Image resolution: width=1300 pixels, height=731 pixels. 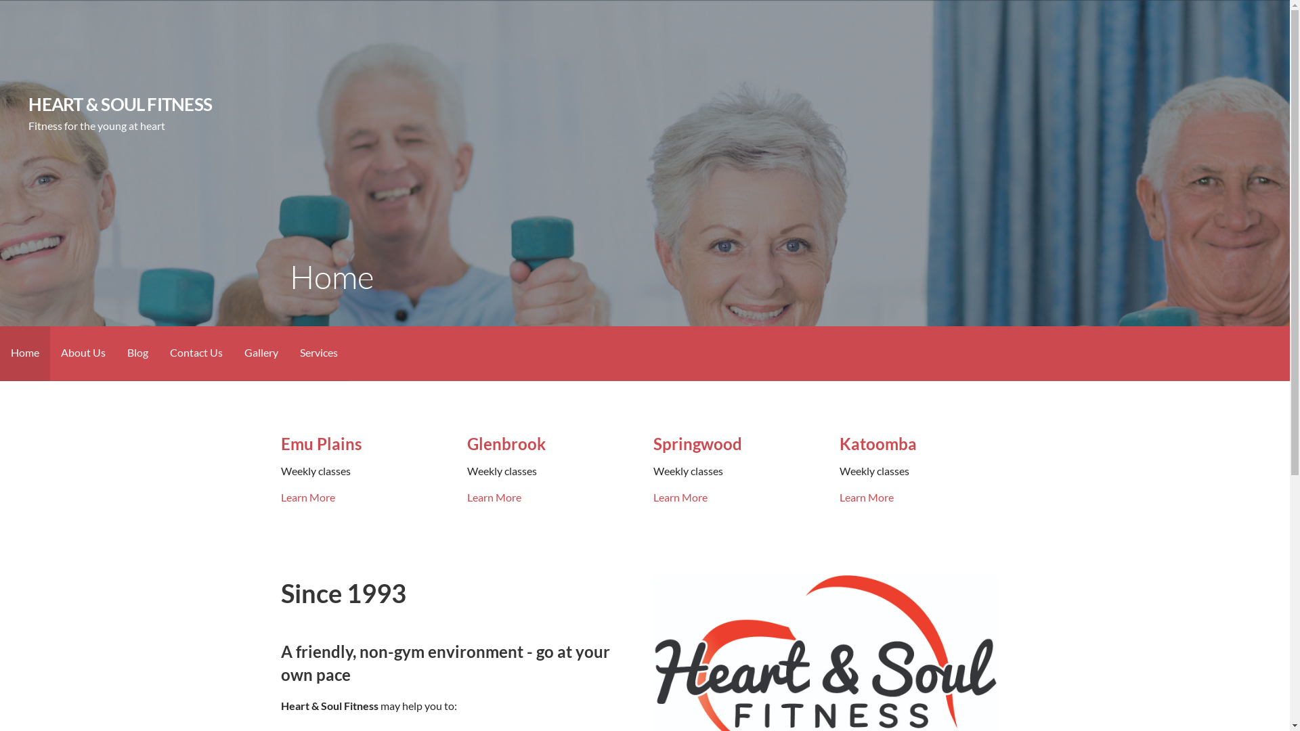 What do you see at coordinates (120, 104) in the screenshot?
I see `'HEART & SOUL FITNESS'` at bounding box center [120, 104].